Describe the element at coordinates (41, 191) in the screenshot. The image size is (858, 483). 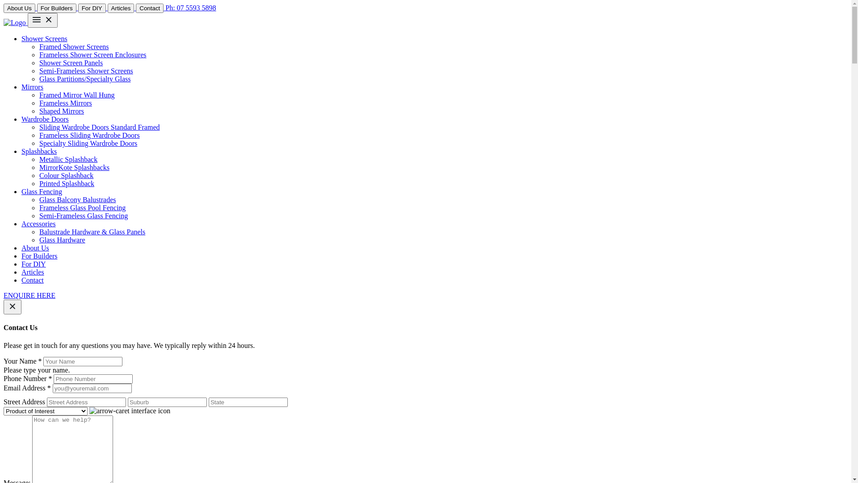
I see `'Glass Fencing'` at that location.